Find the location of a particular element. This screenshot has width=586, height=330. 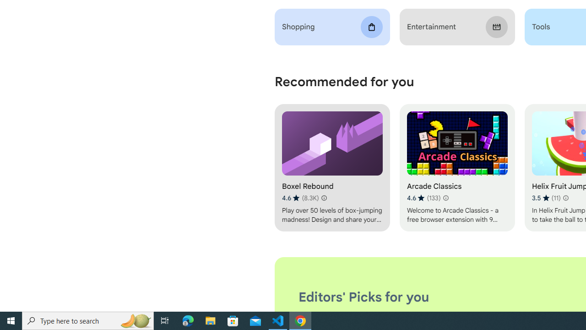

'Entertainment' is located at coordinates (457, 27).